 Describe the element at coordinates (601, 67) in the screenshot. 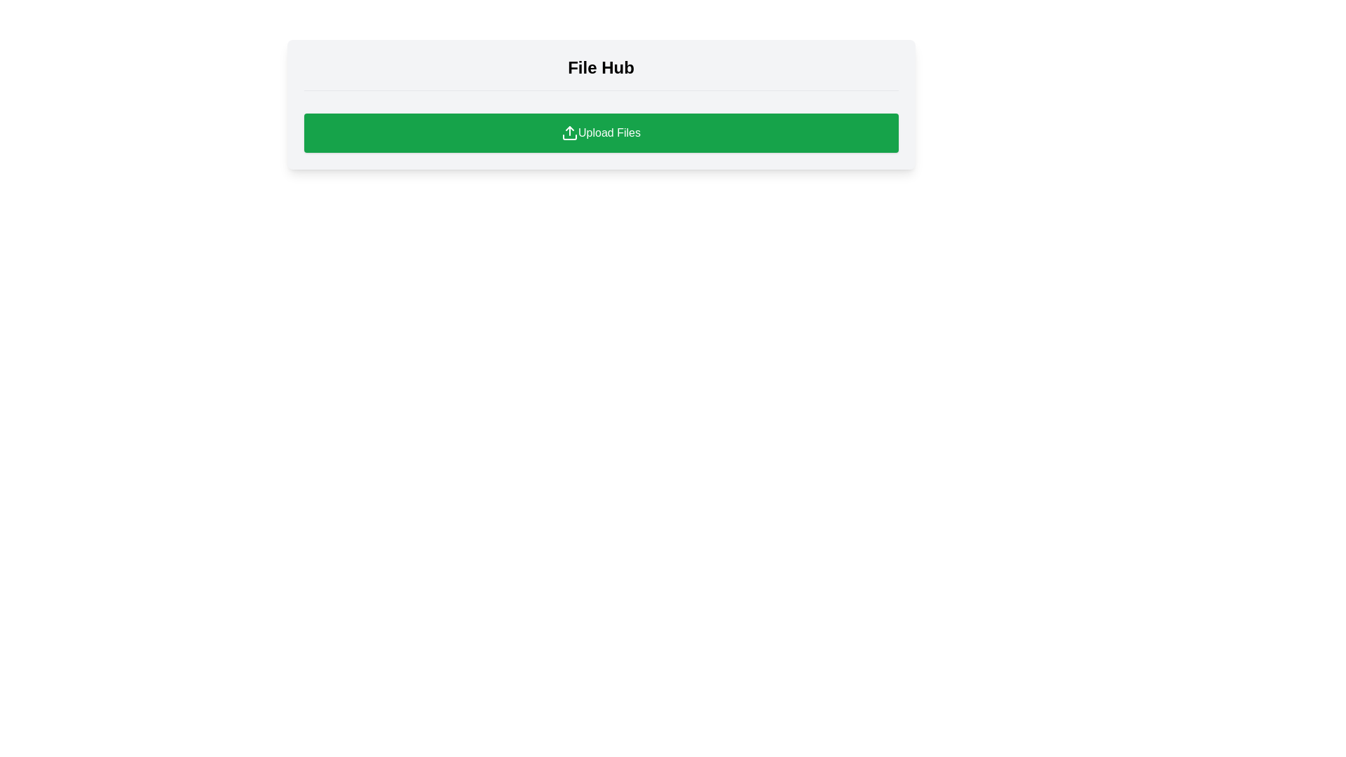

I see `the 'File Hub' static text label, which is a bold, large-sized, black font label centrally aligned within a lightly shaded rectangular area` at that location.